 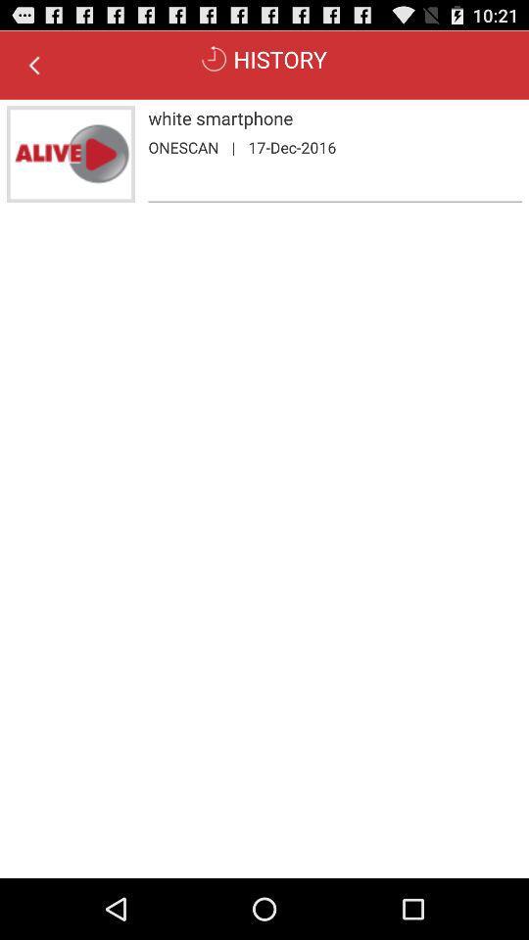 I want to click on app below the white smartphone icon, so click(x=291, y=146).